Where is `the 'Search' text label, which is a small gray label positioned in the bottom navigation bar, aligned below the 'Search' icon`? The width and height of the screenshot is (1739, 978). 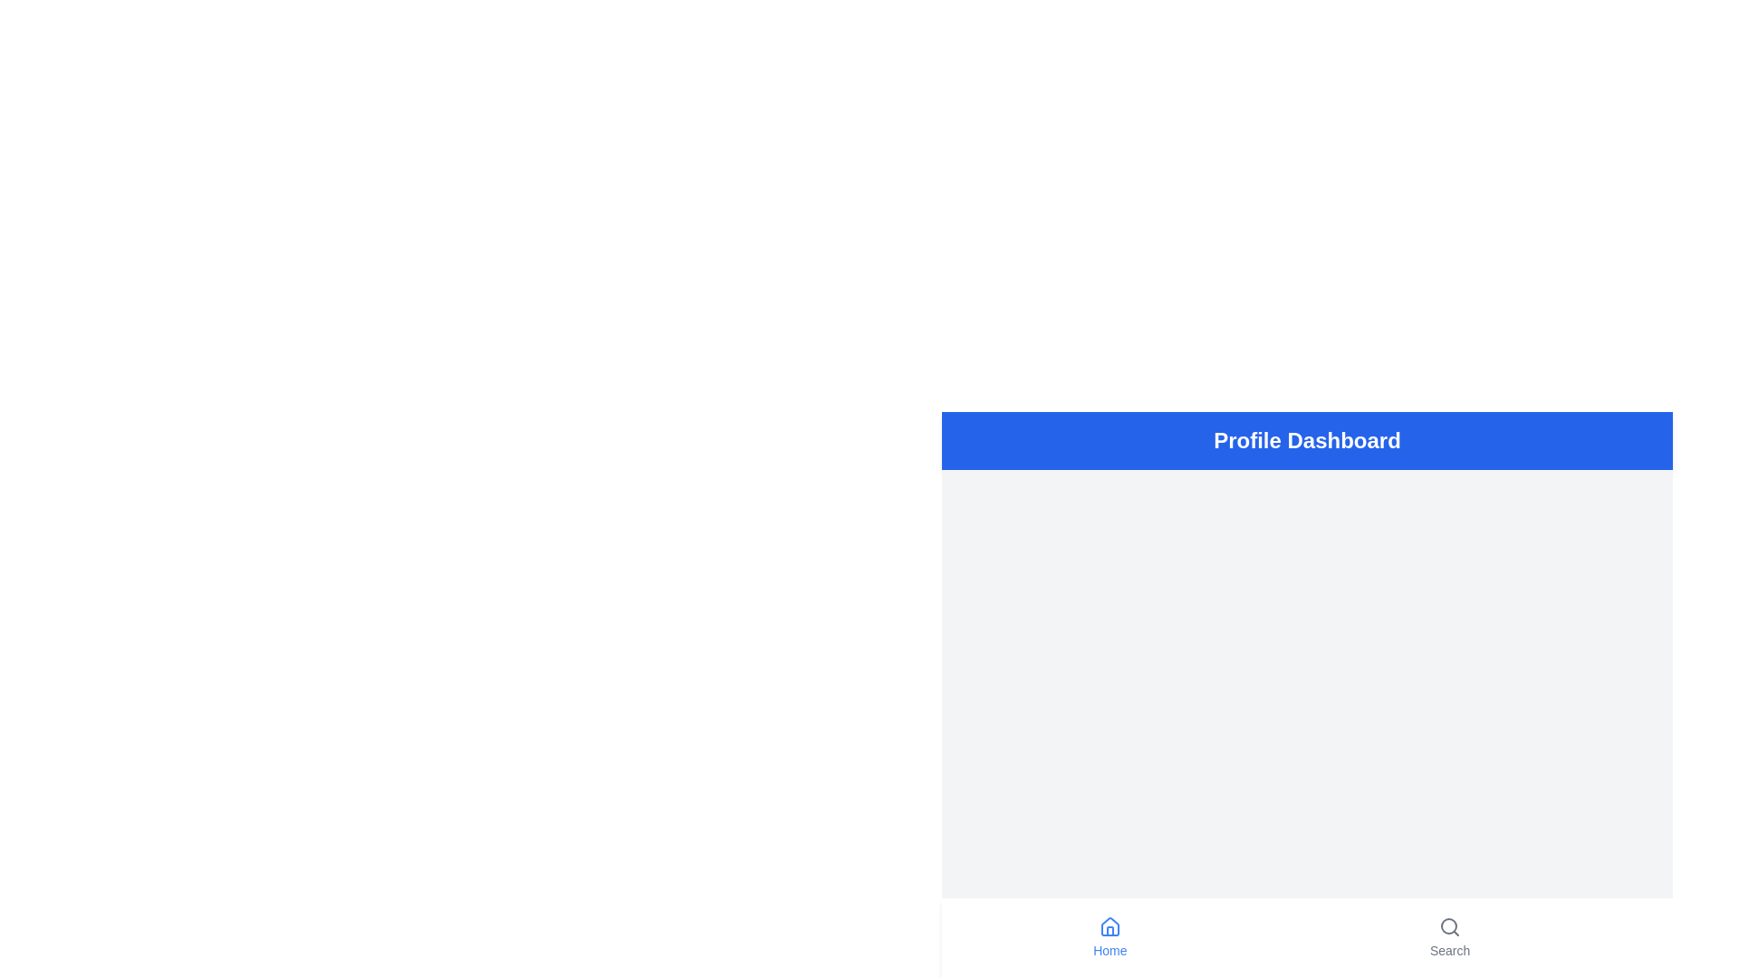 the 'Search' text label, which is a small gray label positioned in the bottom navigation bar, aligned below the 'Search' icon is located at coordinates (1450, 949).